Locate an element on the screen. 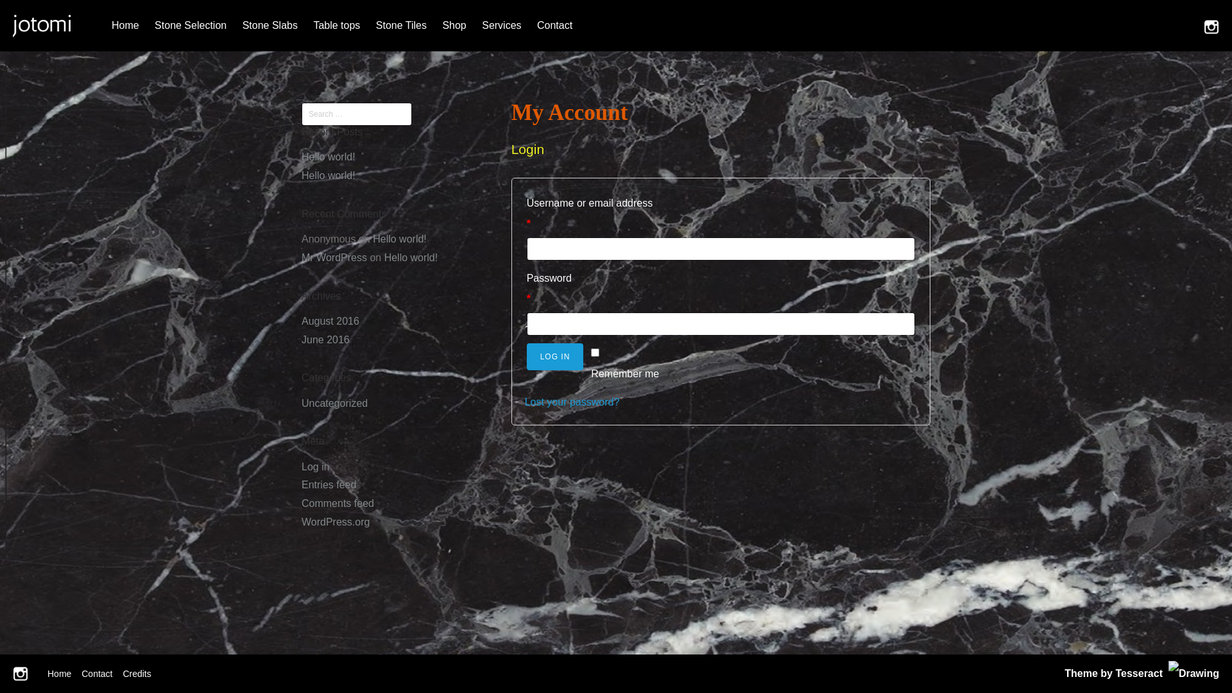 The image size is (1232, 693). 'Lost your password?' is located at coordinates (572, 401).